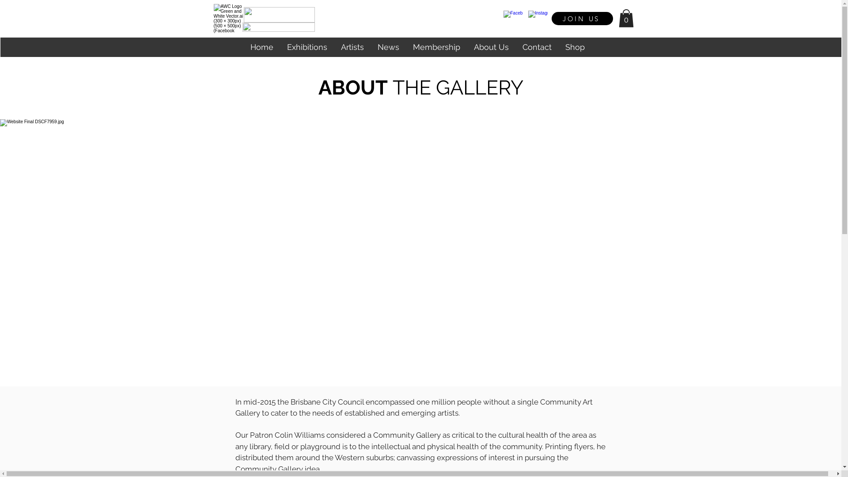 The image size is (848, 477). I want to click on 'About Us', so click(490, 47).